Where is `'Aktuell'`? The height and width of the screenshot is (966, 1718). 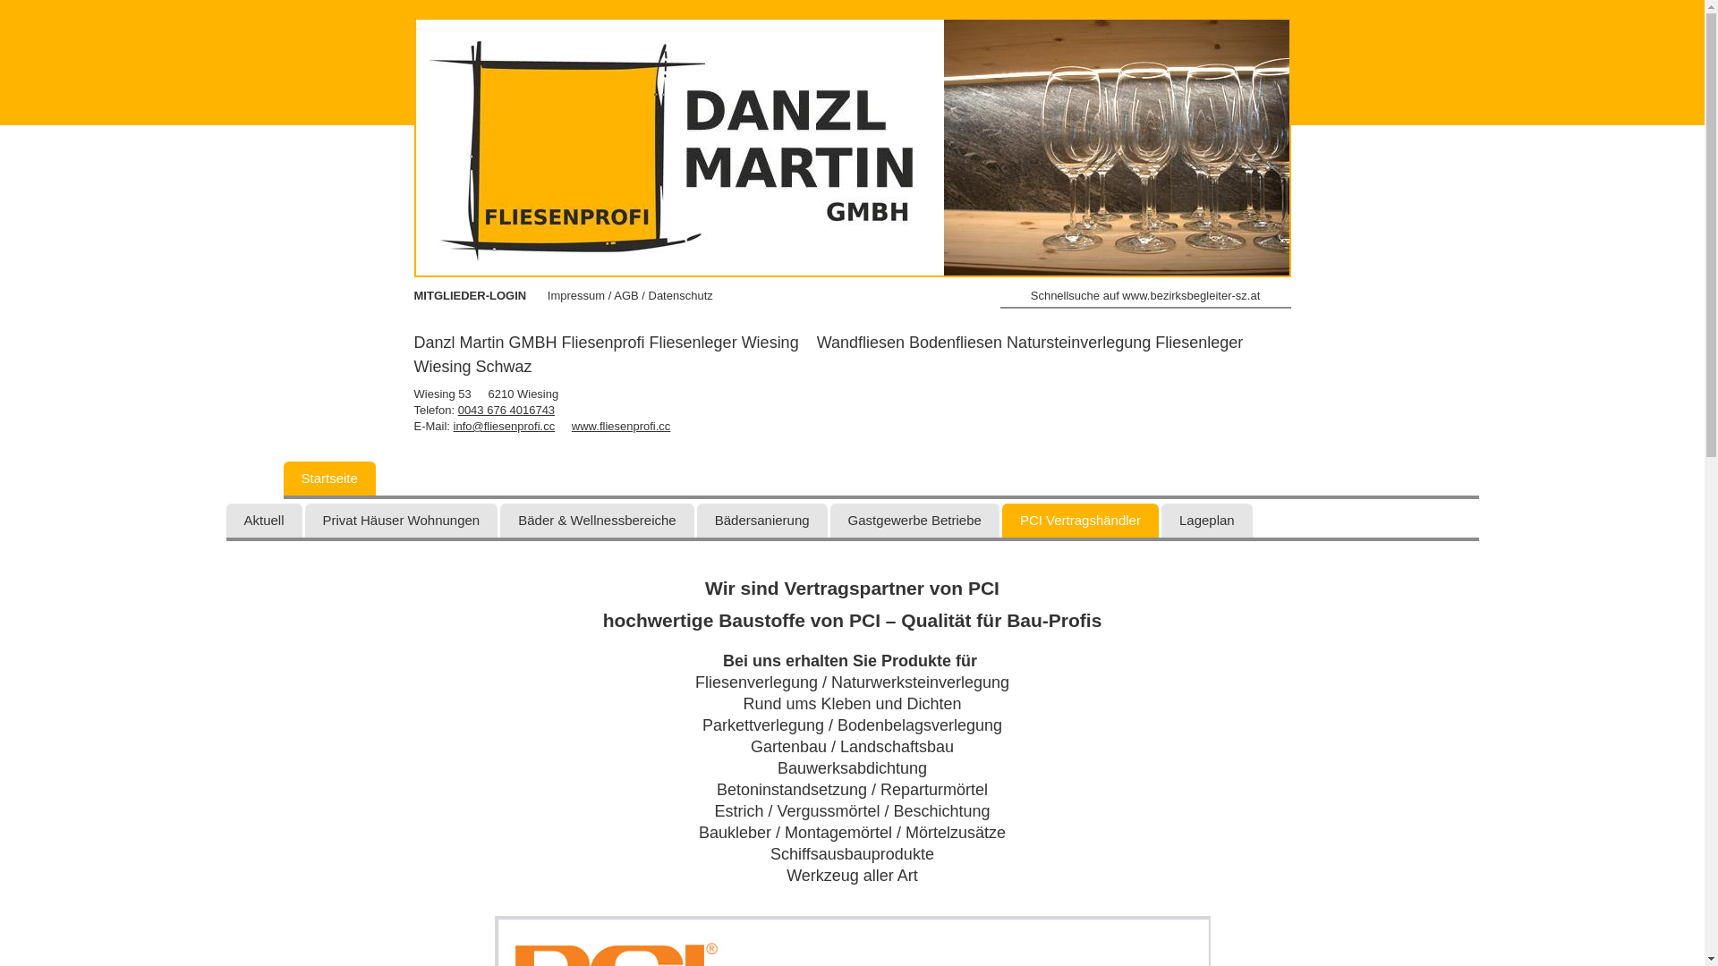 'Aktuell' is located at coordinates (262, 521).